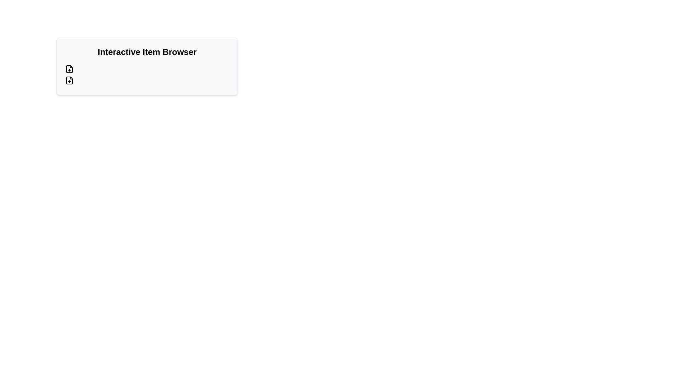 The image size is (681, 383). Describe the element at coordinates (70, 69) in the screenshot. I see `the SVG icon element located in the top-left region of the interface, below the label 'Interactive Item Browser'` at that location.